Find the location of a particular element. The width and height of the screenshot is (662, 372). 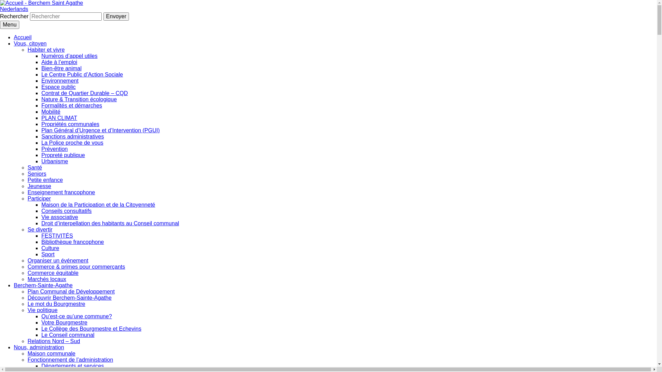

'Maison communale' is located at coordinates (51, 353).